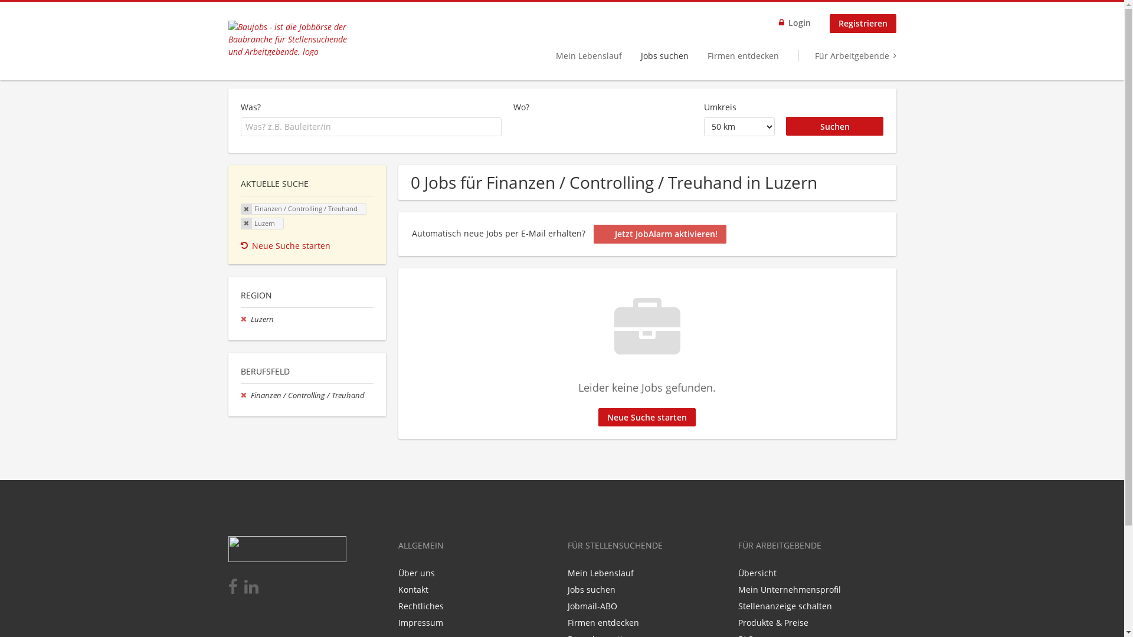 This screenshot has height=637, width=1133. What do you see at coordinates (543, 415) in the screenshot?
I see `'Jetzt aktivieren'` at bounding box center [543, 415].